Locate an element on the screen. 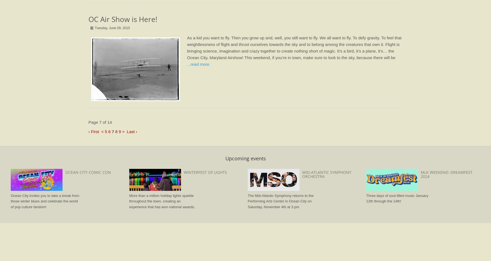 This screenshot has height=261, width=491. 'As a kid you want to fly. Then you grow up and, well, you still want to fly. We all want to fly. To defy gravity. To feel that weightlessness of flight and thrust ourselves towards the sky and to belong among the creatures that own it. Flight is bringing science, imagination and crazy together to create nothing short of magic. It’s a bird, it’s a plane, it’s… the Ocean City, Maryland Airshow! This weekend, if you’re in town, make sure to look to the sky, because there will be' is located at coordinates (187, 47).